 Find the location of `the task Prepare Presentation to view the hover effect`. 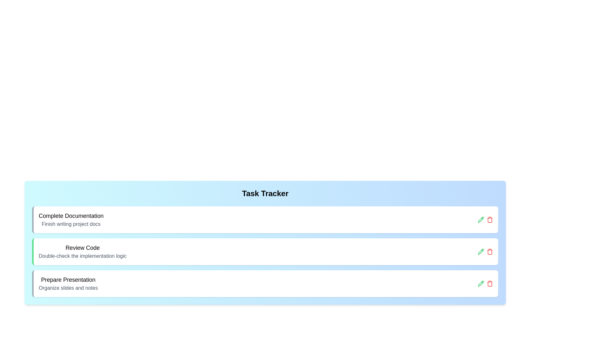

the task Prepare Presentation to view the hover effect is located at coordinates (265, 283).